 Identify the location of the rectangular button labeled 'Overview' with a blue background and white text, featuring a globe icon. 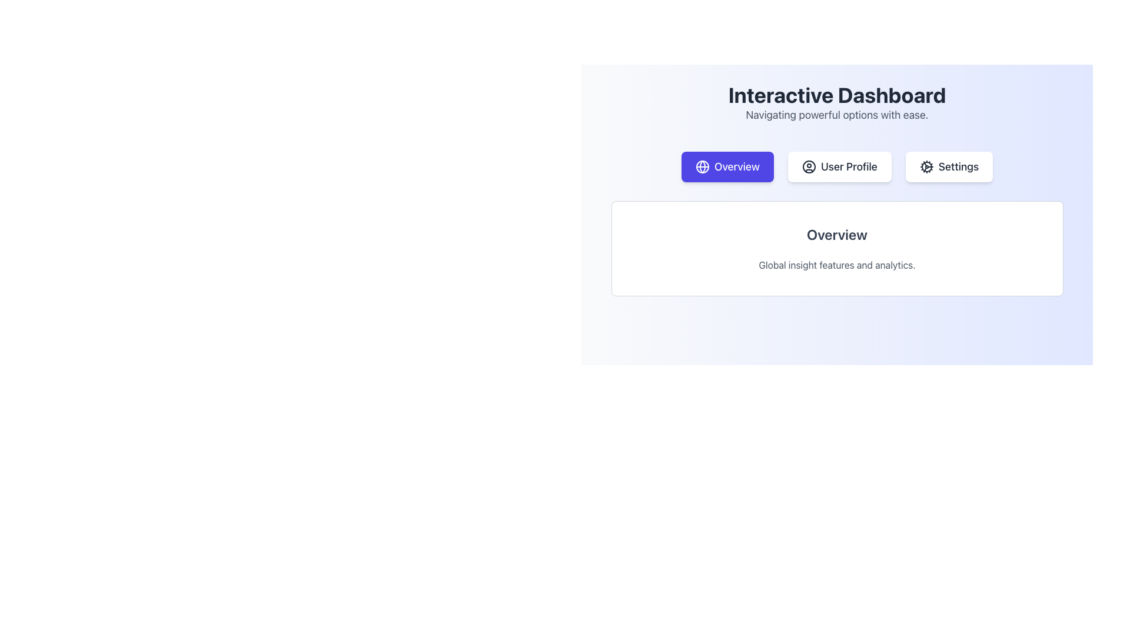
(727, 167).